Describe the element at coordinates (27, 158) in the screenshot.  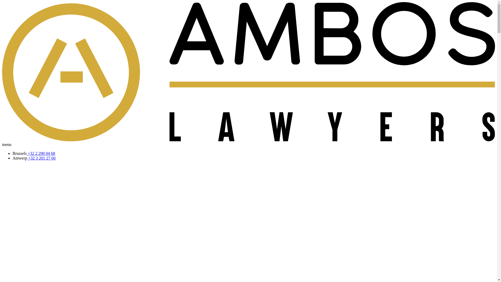
I see `'+32 3 201 27 60'` at that location.